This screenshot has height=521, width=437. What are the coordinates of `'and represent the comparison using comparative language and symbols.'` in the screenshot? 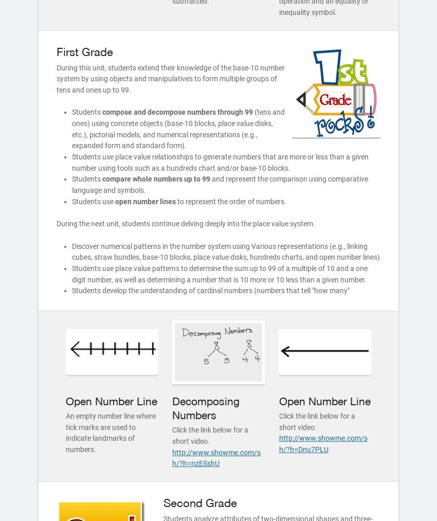 It's located at (71, 185).